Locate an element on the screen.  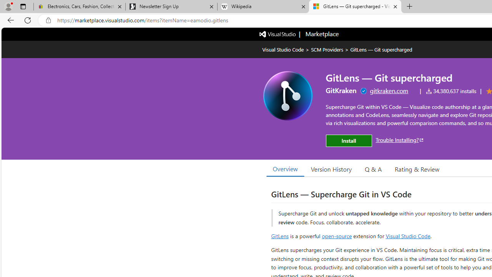
'Q & A' is located at coordinates (373, 169).